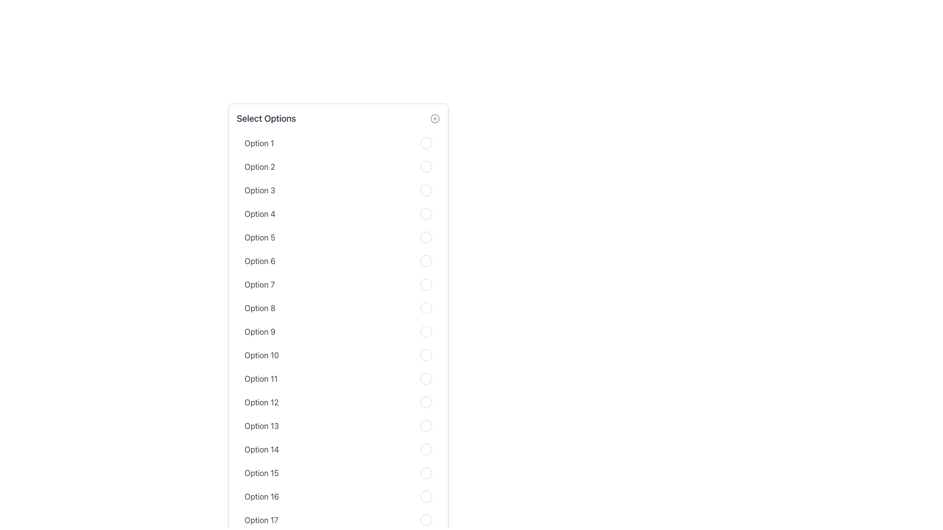 This screenshot has height=530, width=943. What do you see at coordinates (260, 213) in the screenshot?
I see `the 'Option 4' text label, which identifies the fourth selectable option in the 'Select Options' list` at bounding box center [260, 213].